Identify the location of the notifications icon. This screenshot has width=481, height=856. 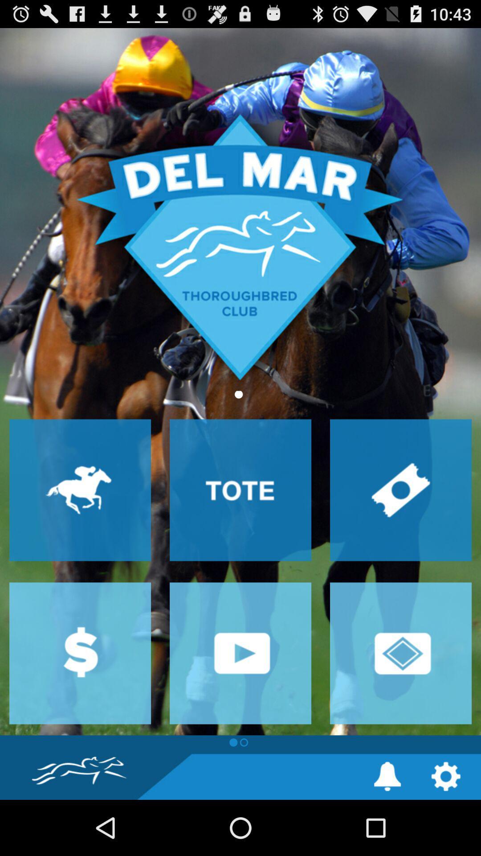
(387, 830).